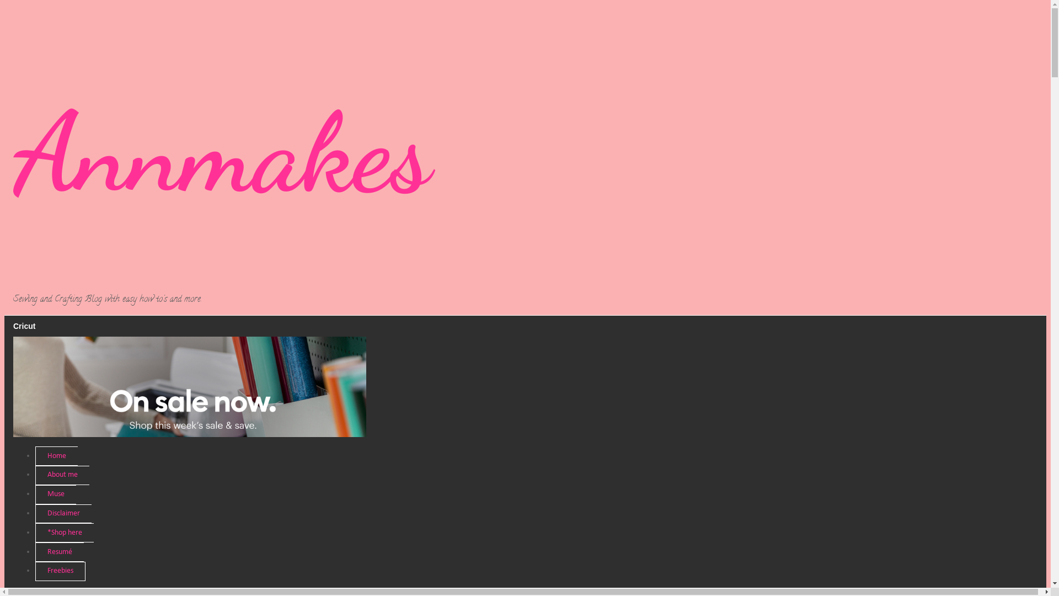  I want to click on 'Home', so click(56, 456).